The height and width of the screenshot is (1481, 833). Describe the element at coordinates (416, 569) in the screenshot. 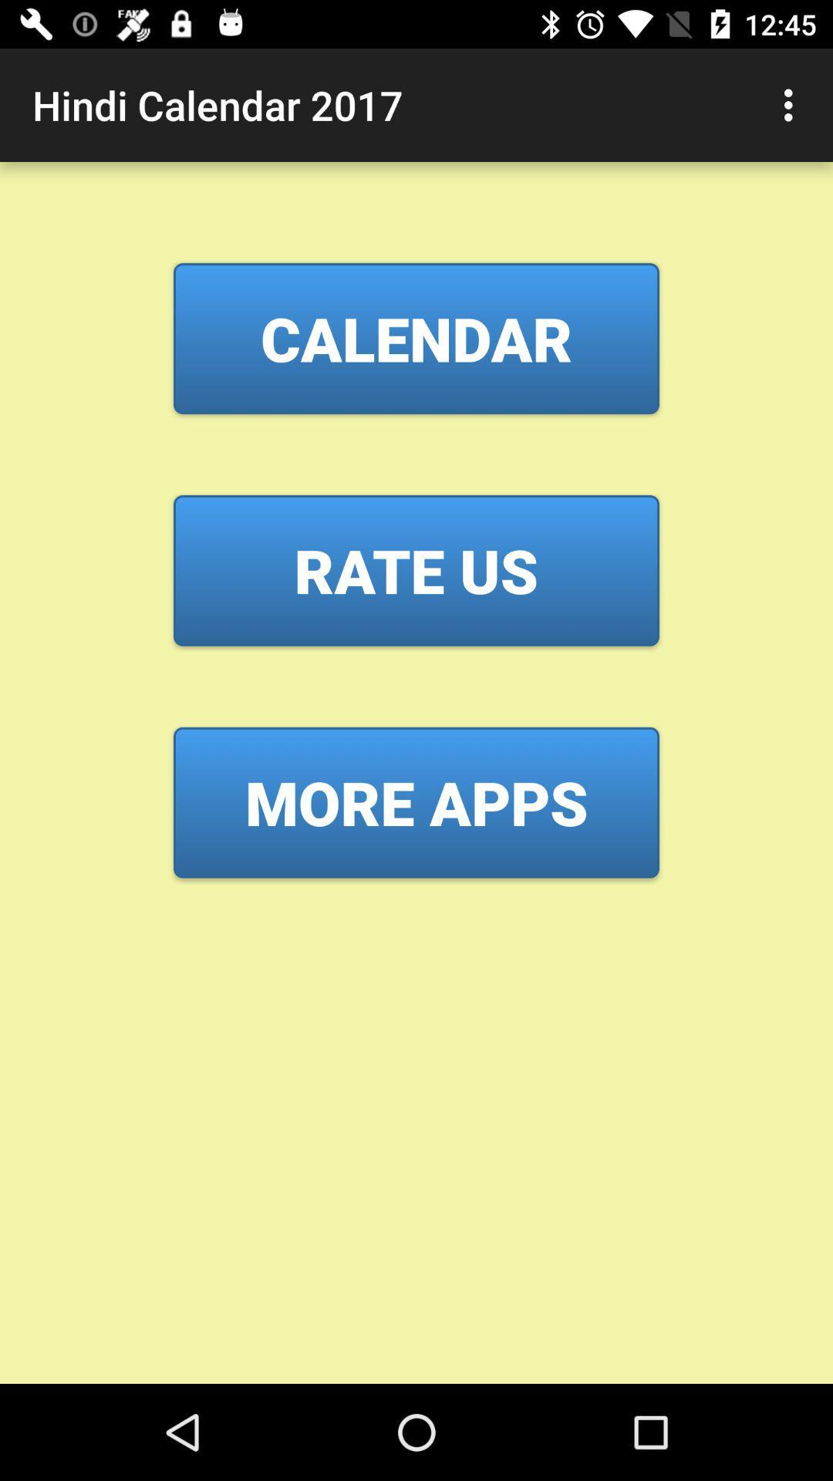

I see `the rate us item` at that location.